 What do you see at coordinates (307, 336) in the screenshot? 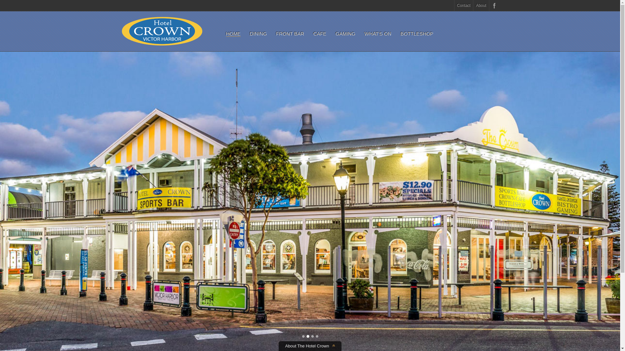
I see `'2'` at bounding box center [307, 336].